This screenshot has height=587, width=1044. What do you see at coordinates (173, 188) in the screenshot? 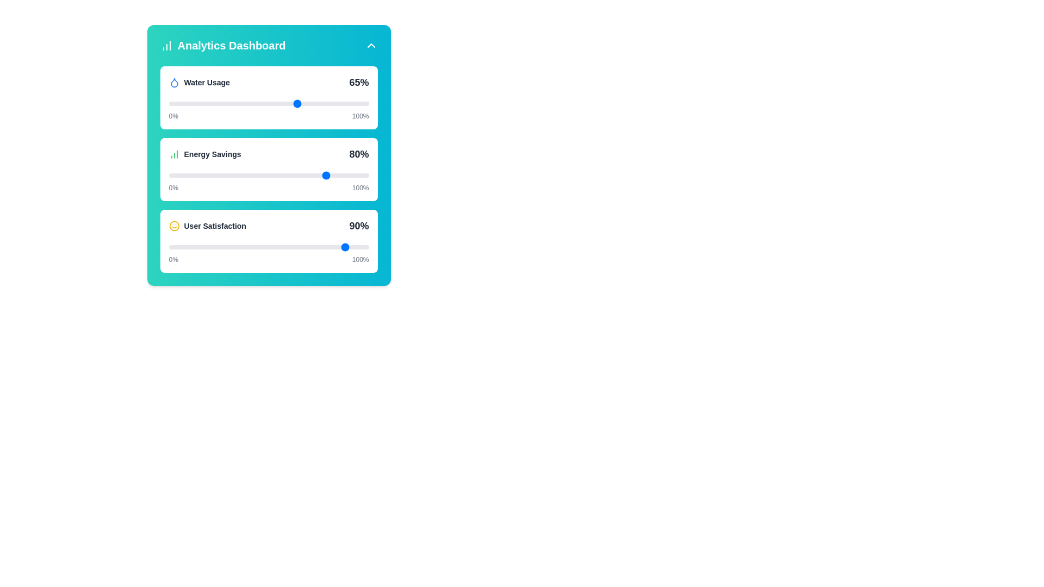
I see `the text label indicating the minimal value of 0% for the 'Energy Savings' slider, located at the far left side of the slider` at bounding box center [173, 188].